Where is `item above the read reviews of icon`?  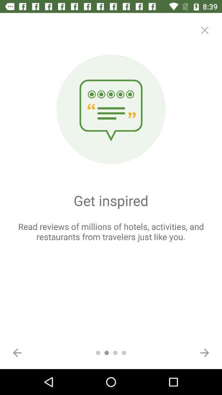 item above the read reviews of icon is located at coordinates (204, 30).